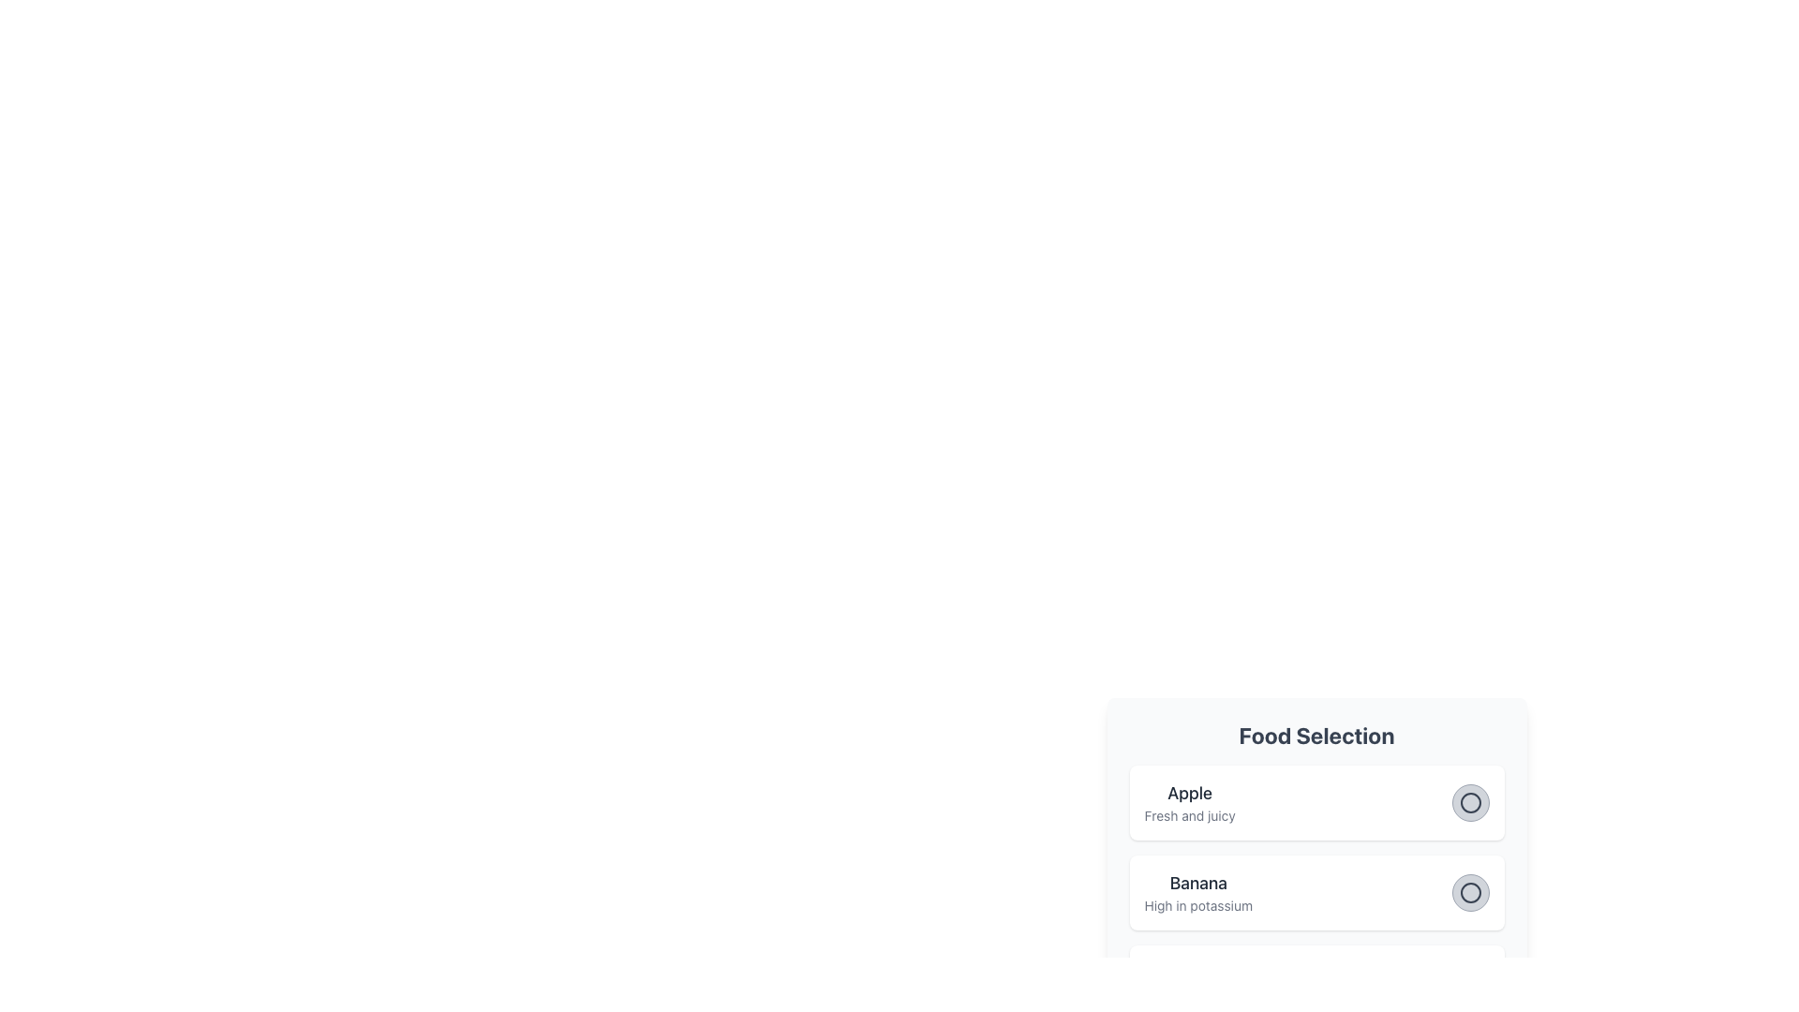 Image resolution: width=1799 pixels, height=1012 pixels. Describe the element at coordinates (1197, 883) in the screenshot. I see `the text label that identifies the item 'Banana' in the list of options, which is positioned above the text 'High in potassium'` at that location.